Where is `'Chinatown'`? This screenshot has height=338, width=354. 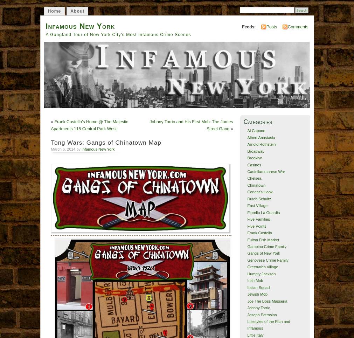 'Chinatown' is located at coordinates (256, 185).